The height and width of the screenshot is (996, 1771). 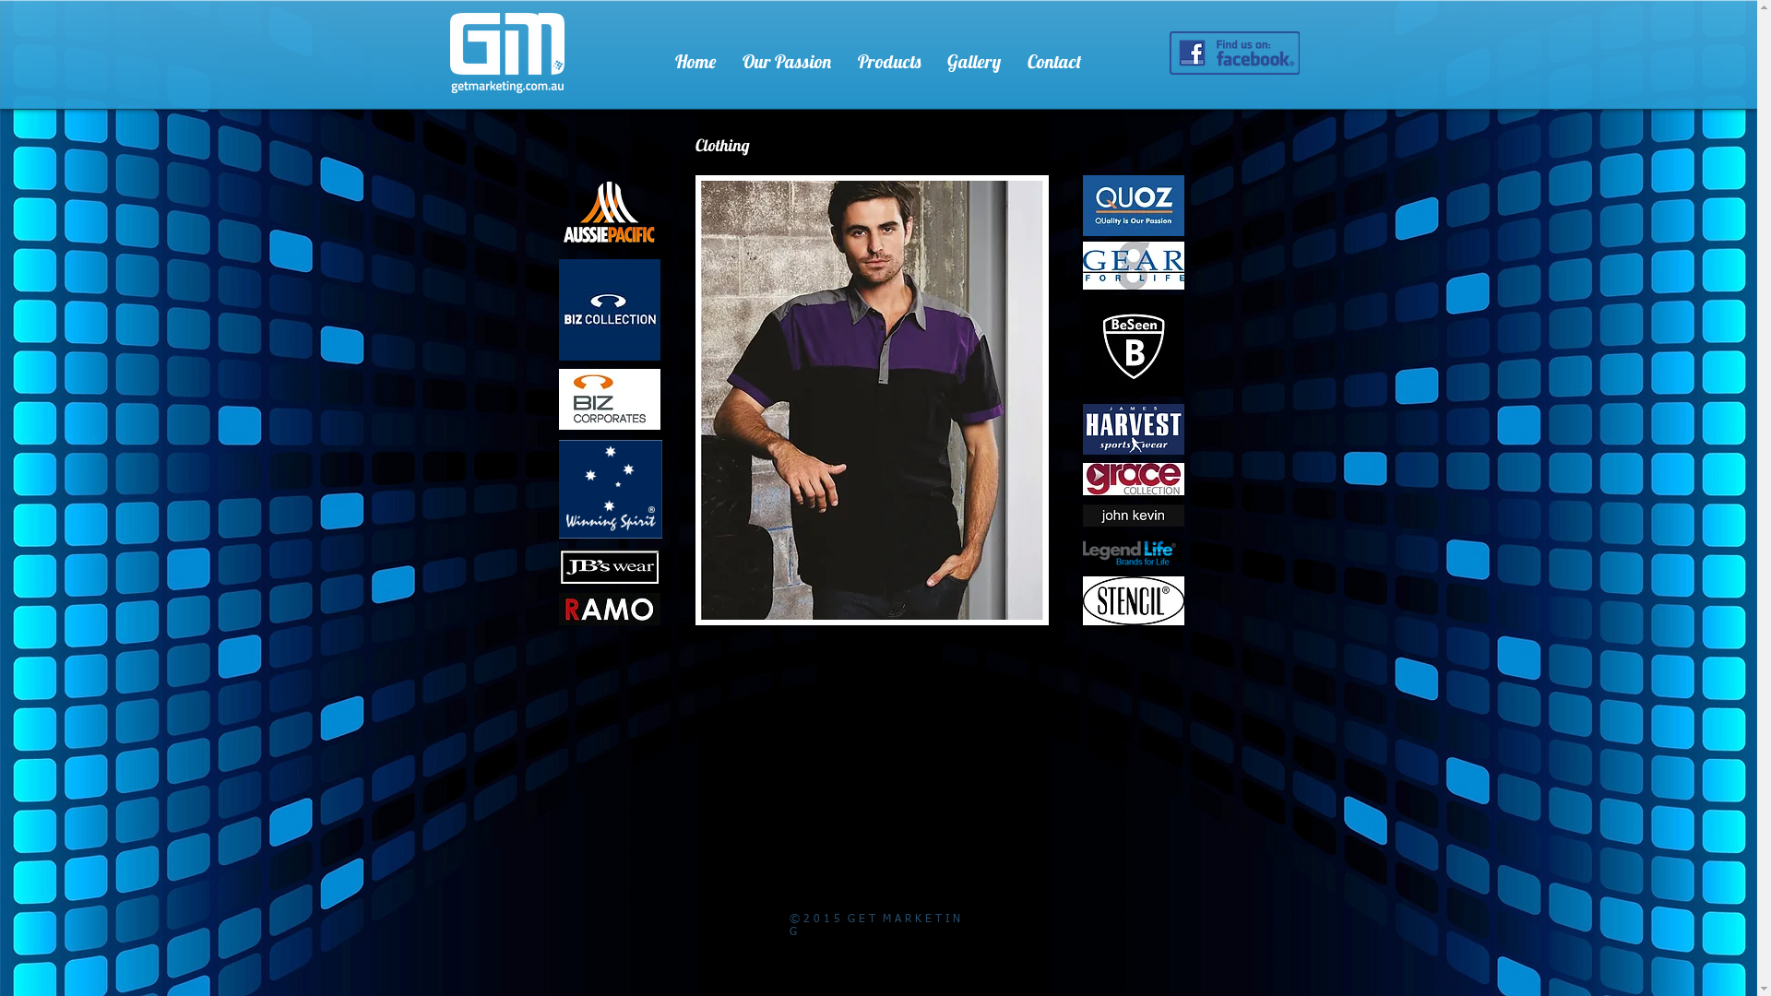 I want to click on 'Gallery', so click(x=972, y=52).